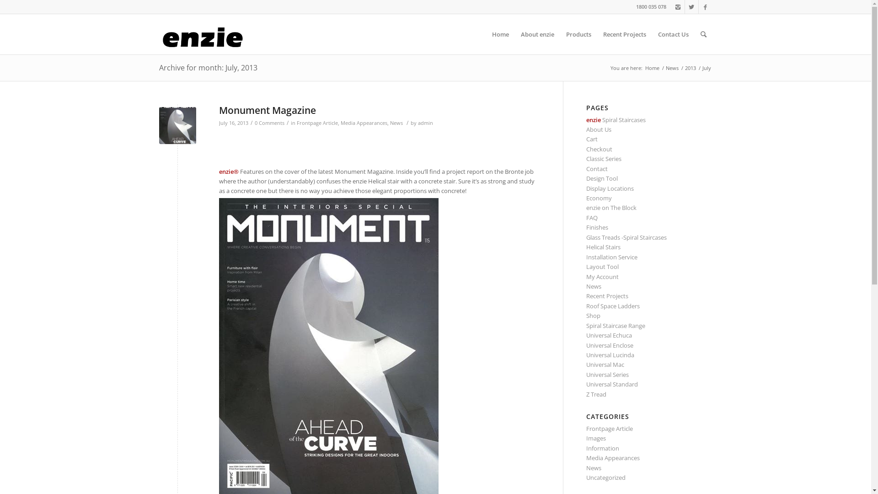 The height and width of the screenshot is (494, 878). Describe the element at coordinates (586, 384) in the screenshot. I see `'Universal Standard'` at that location.